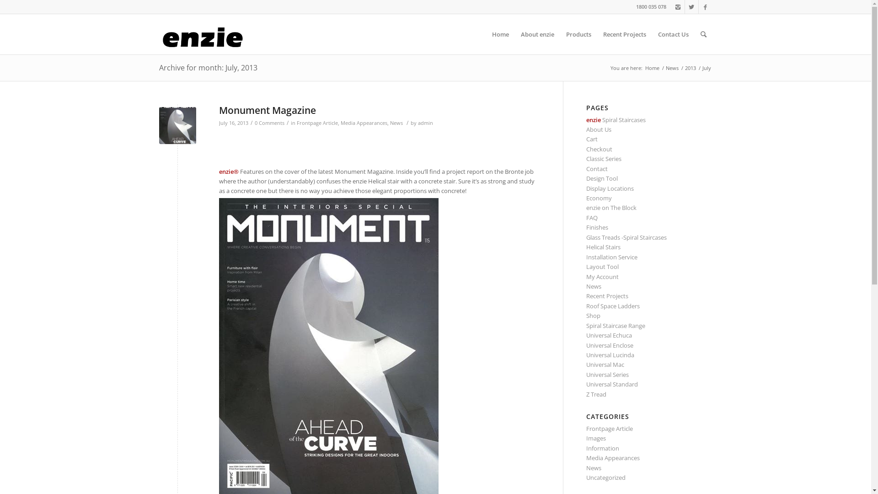 The height and width of the screenshot is (494, 878). Describe the element at coordinates (586, 384) in the screenshot. I see `'Universal Standard'` at that location.